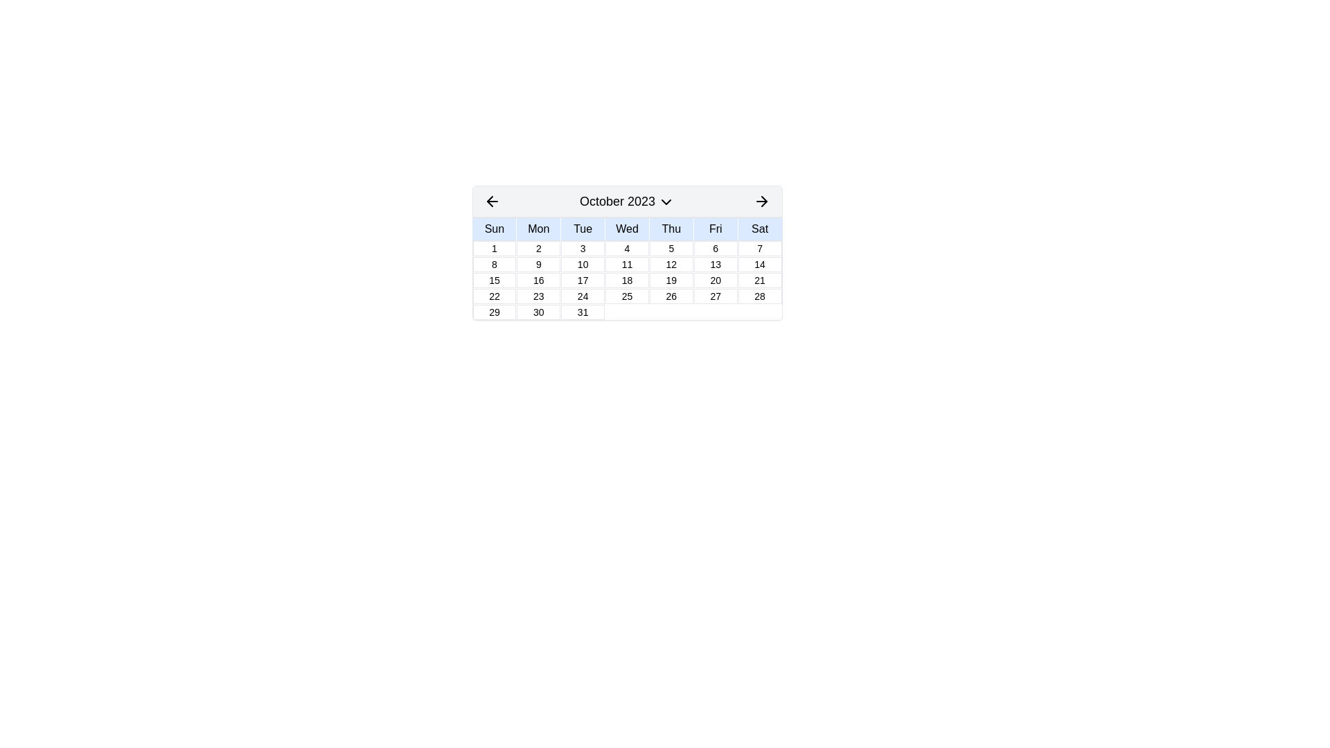 The width and height of the screenshot is (1330, 748). I want to click on the Calendar Date Cell displaying the number '8', so click(494, 264).